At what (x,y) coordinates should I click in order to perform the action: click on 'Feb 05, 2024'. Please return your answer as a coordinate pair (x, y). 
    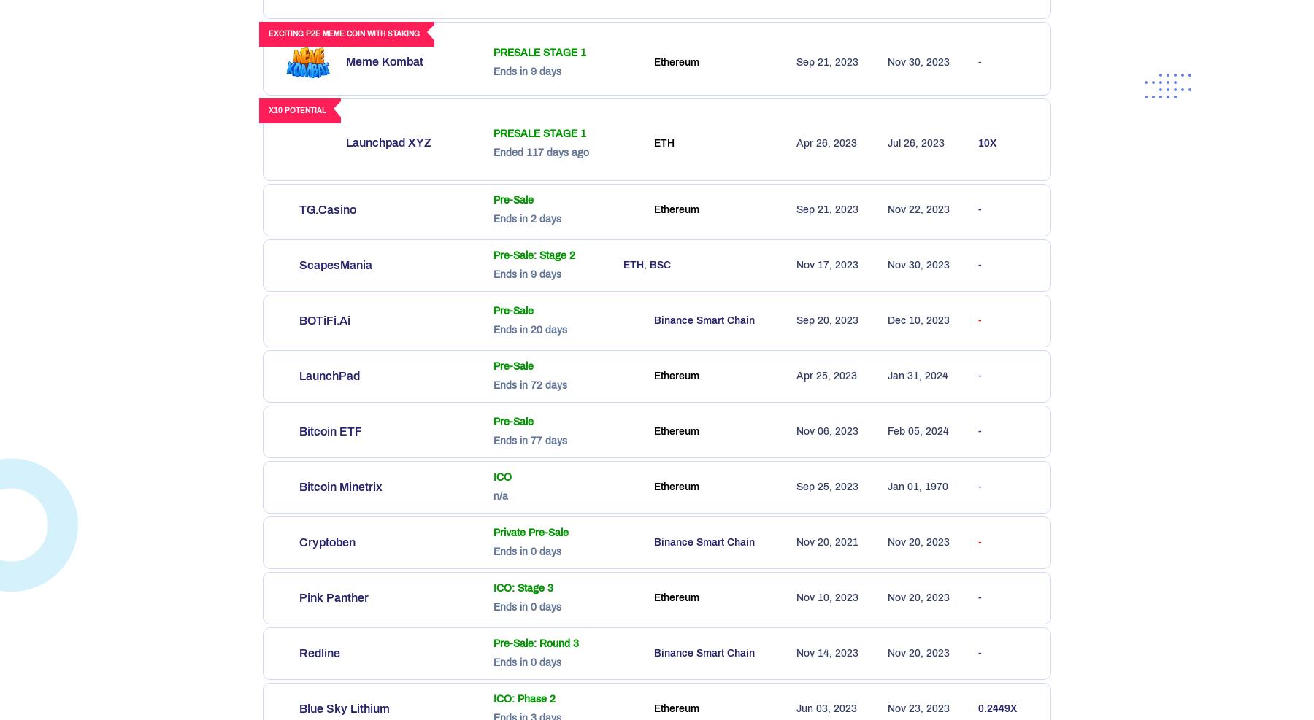
    Looking at the image, I should click on (918, 430).